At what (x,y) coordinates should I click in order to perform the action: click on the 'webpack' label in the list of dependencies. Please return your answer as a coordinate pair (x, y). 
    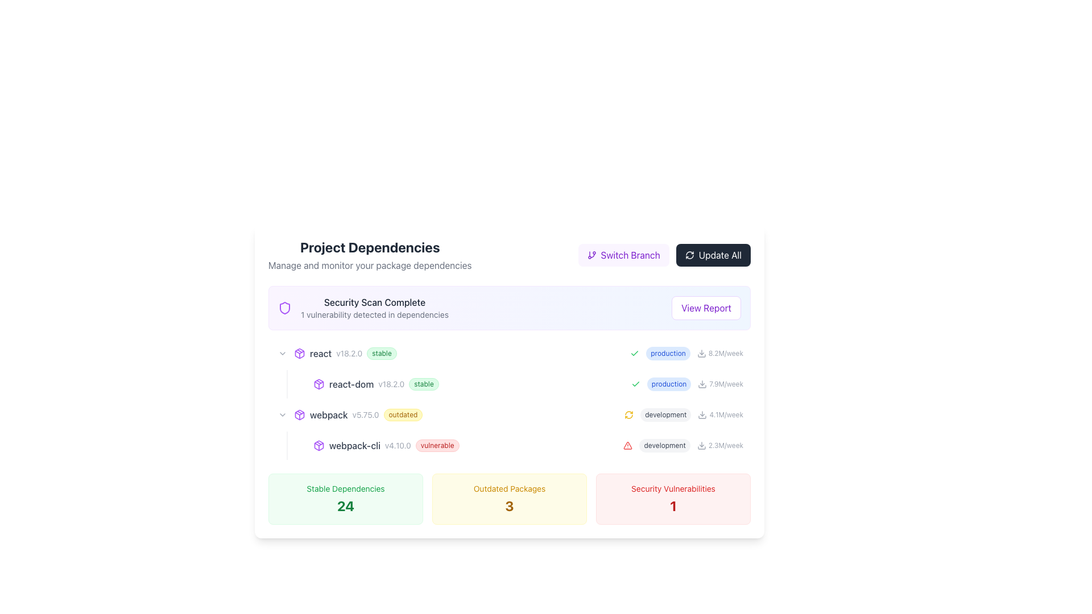
    Looking at the image, I should click on (328, 414).